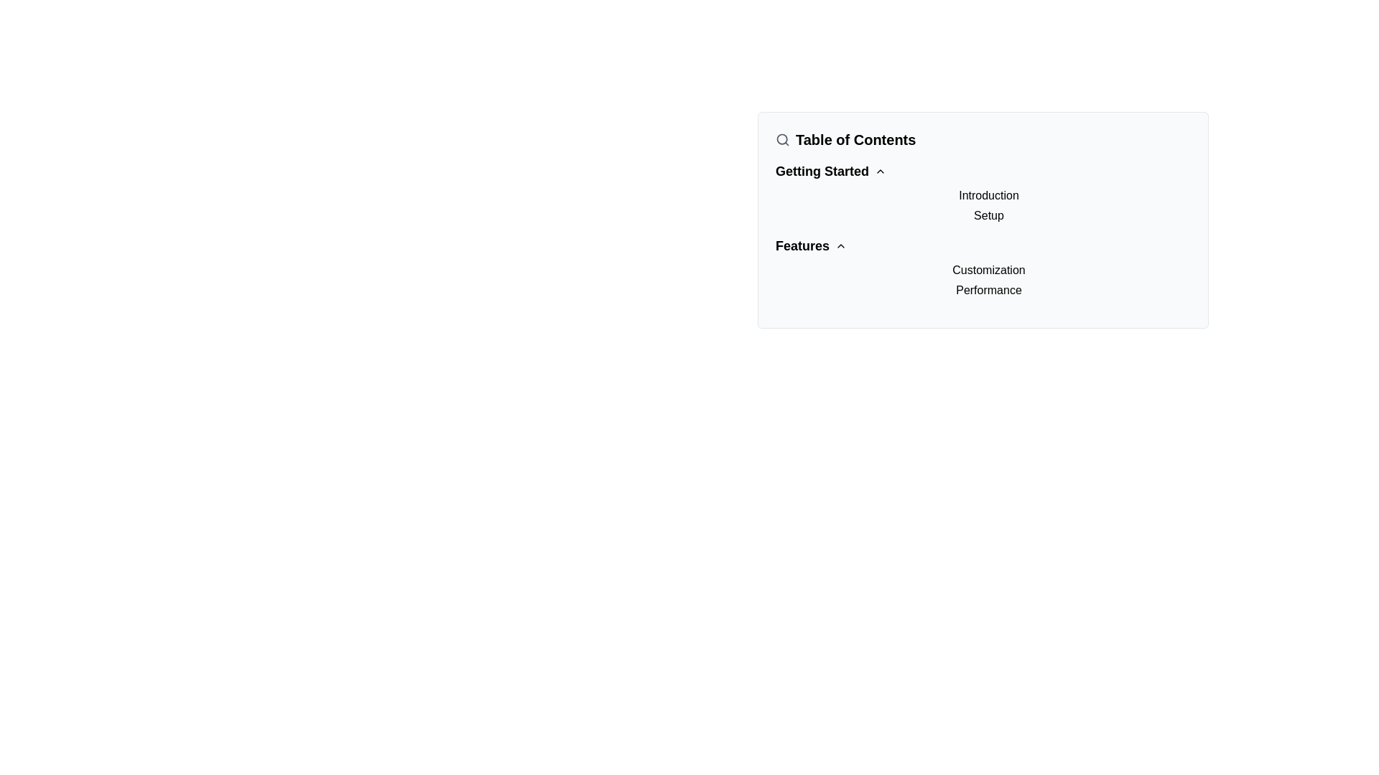 Image resolution: width=1379 pixels, height=775 pixels. I want to click on the 'Introduction' text label under the 'Getting Started' section of the 'Table of Contents' to change its color to blue, so click(988, 196).